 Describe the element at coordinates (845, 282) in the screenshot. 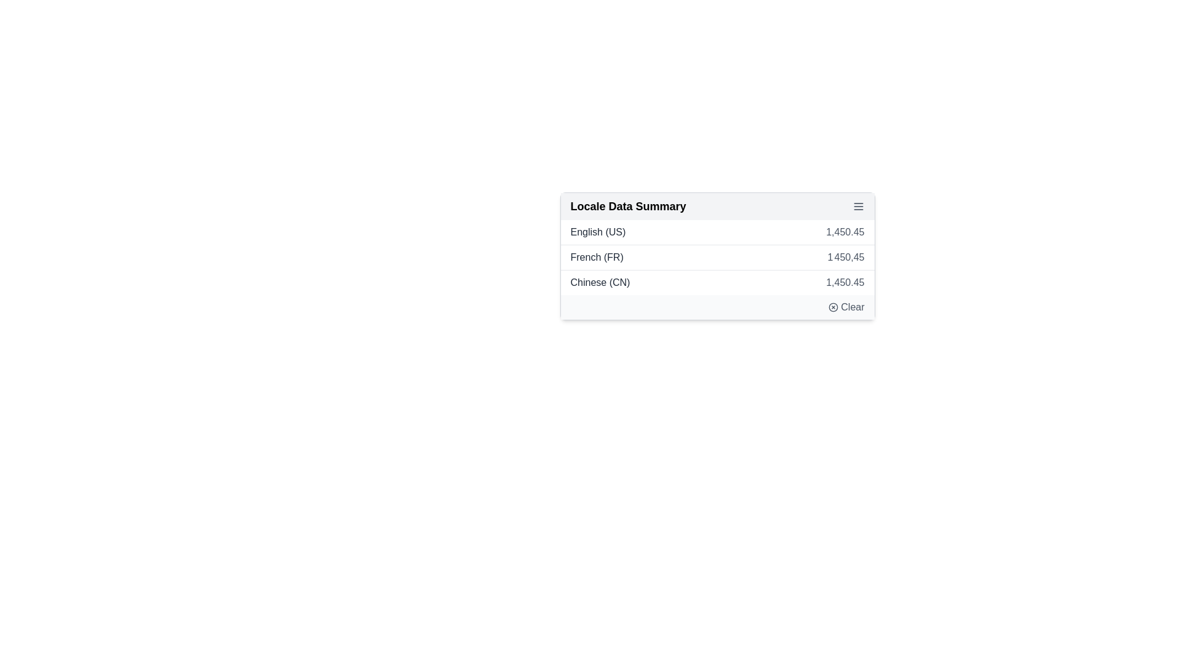

I see `the static text label displaying numerical data for 'Chinese (CN)', positioned to the right of the locale label` at that location.